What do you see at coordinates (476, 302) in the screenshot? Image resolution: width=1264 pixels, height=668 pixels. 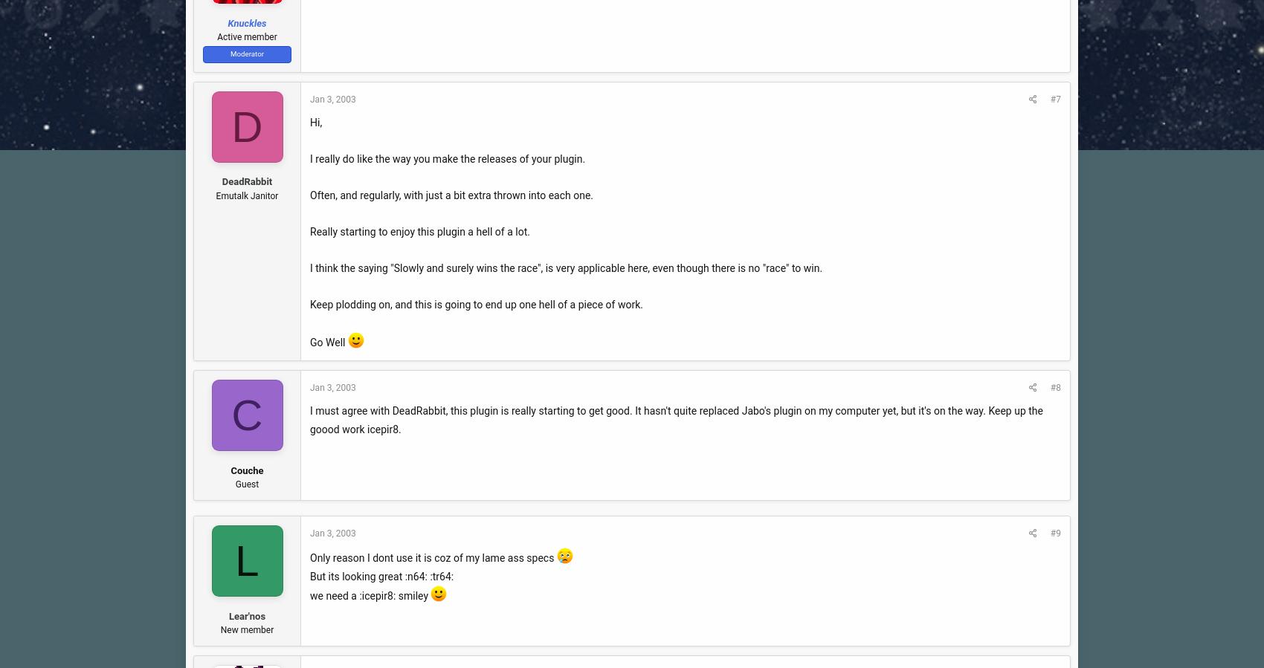 I see `'Keep plodding on, and this is going to end up one hell of a piece of work.'` at bounding box center [476, 302].